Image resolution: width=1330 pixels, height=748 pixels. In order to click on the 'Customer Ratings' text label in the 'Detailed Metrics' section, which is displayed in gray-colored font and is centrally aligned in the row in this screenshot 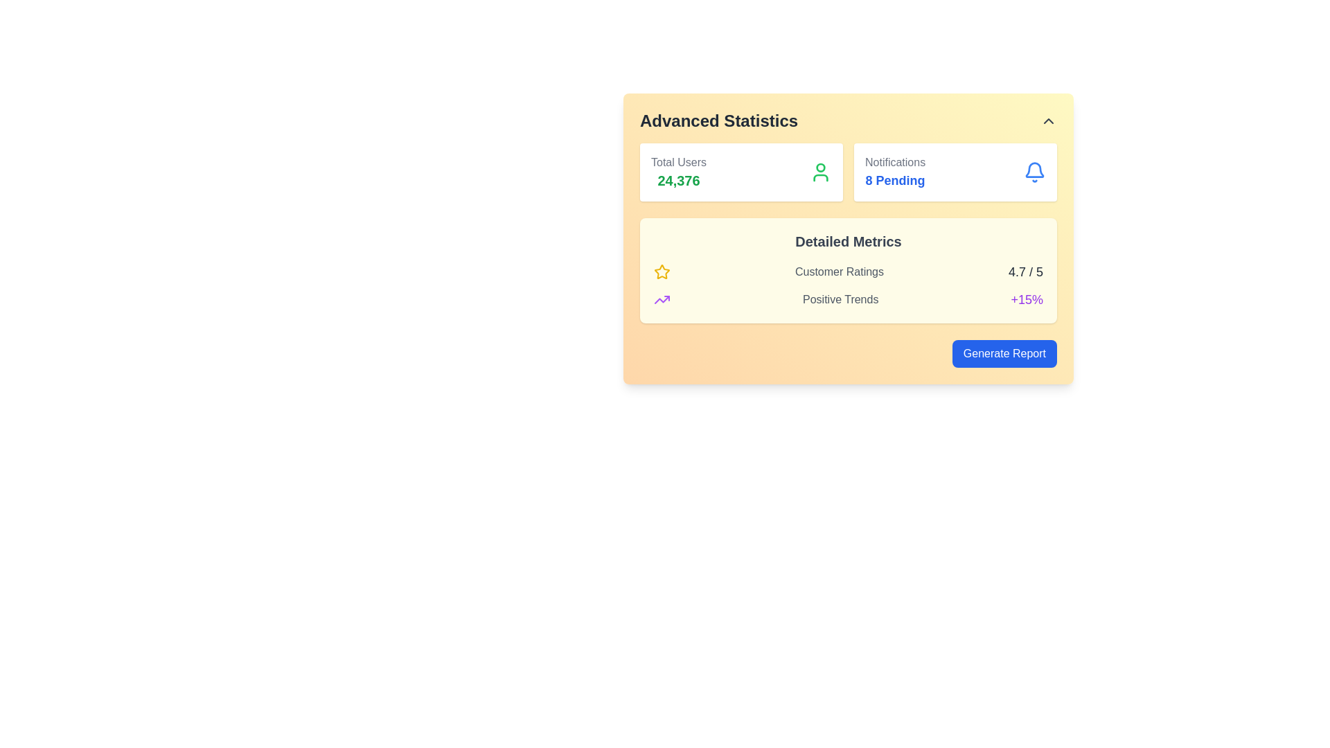, I will do `click(838, 272)`.